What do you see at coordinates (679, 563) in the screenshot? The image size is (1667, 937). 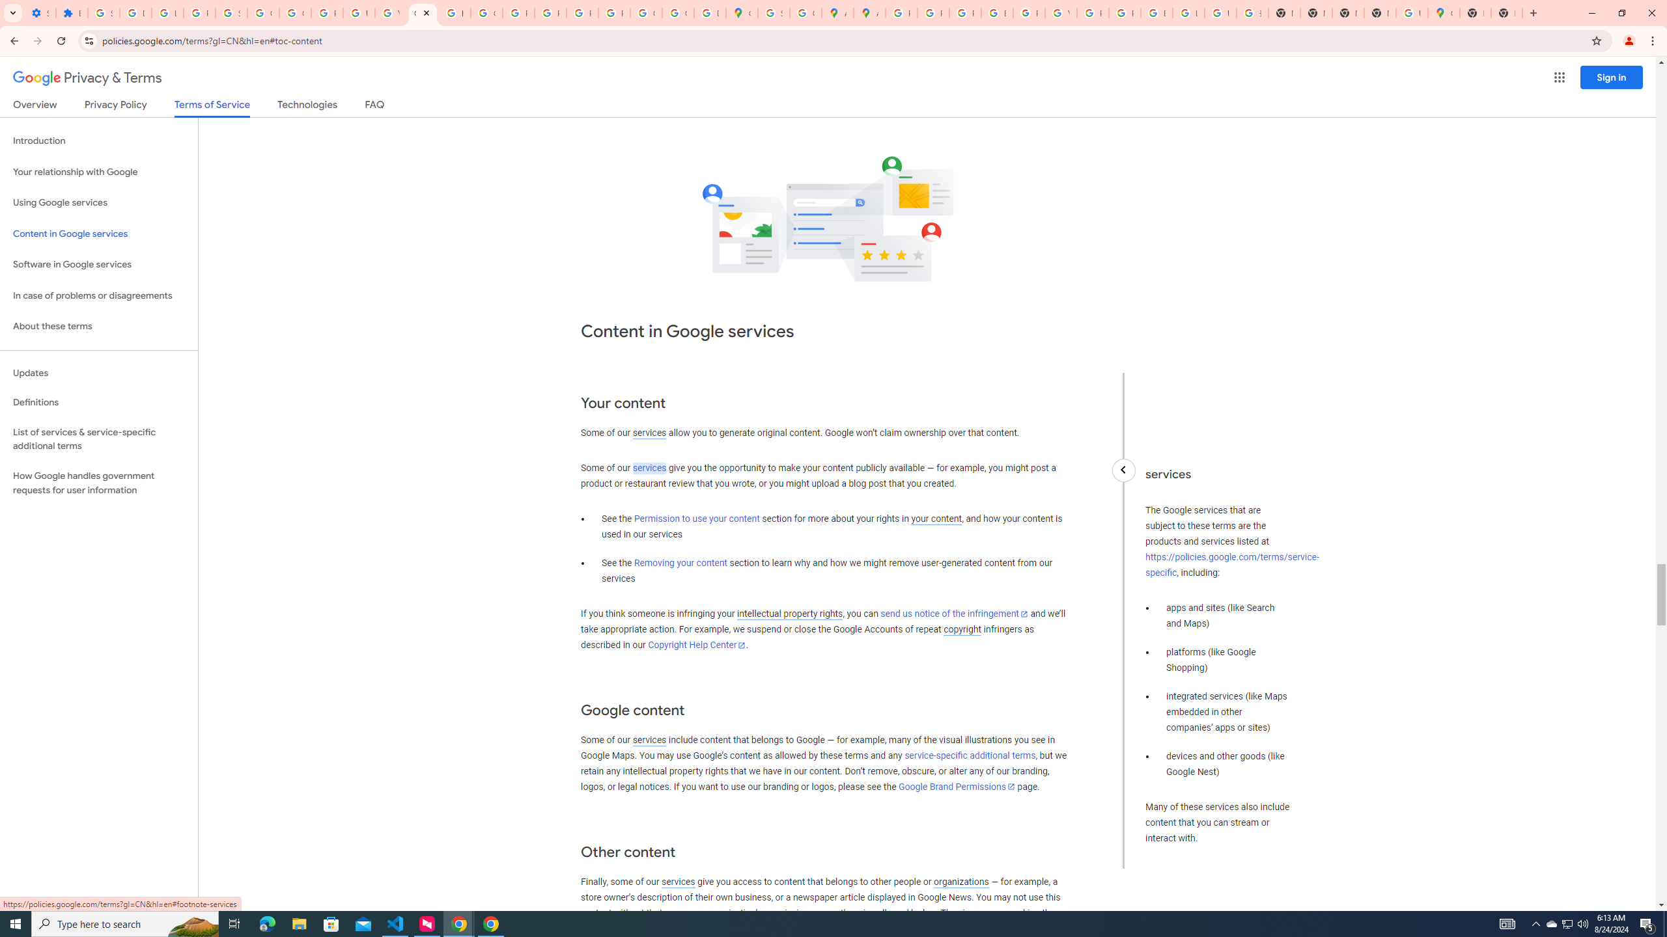 I see `'Removing your content'` at bounding box center [679, 563].